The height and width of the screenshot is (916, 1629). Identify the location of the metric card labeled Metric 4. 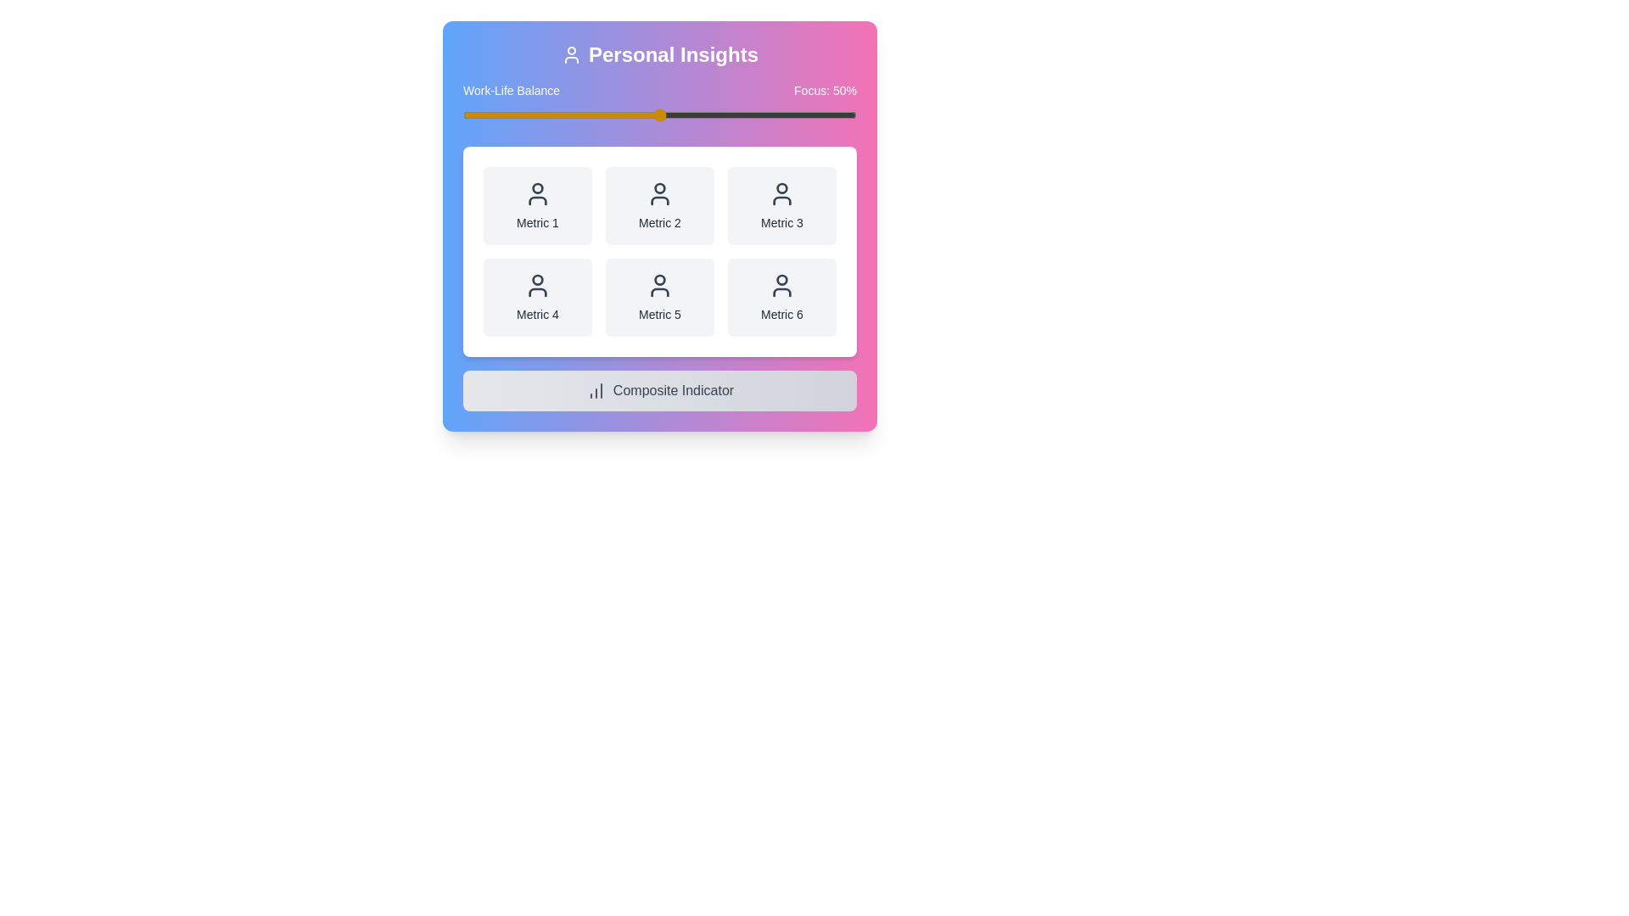
(536, 297).